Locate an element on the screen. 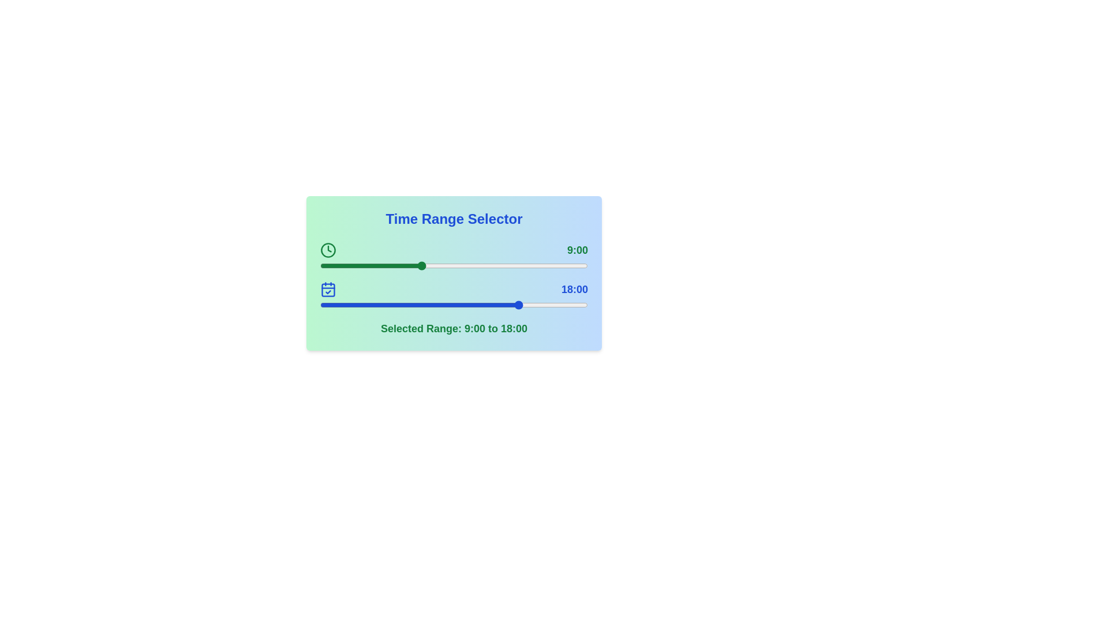 This screenshot has width=1108, height=623. time range is located at coordinates (566, 304).